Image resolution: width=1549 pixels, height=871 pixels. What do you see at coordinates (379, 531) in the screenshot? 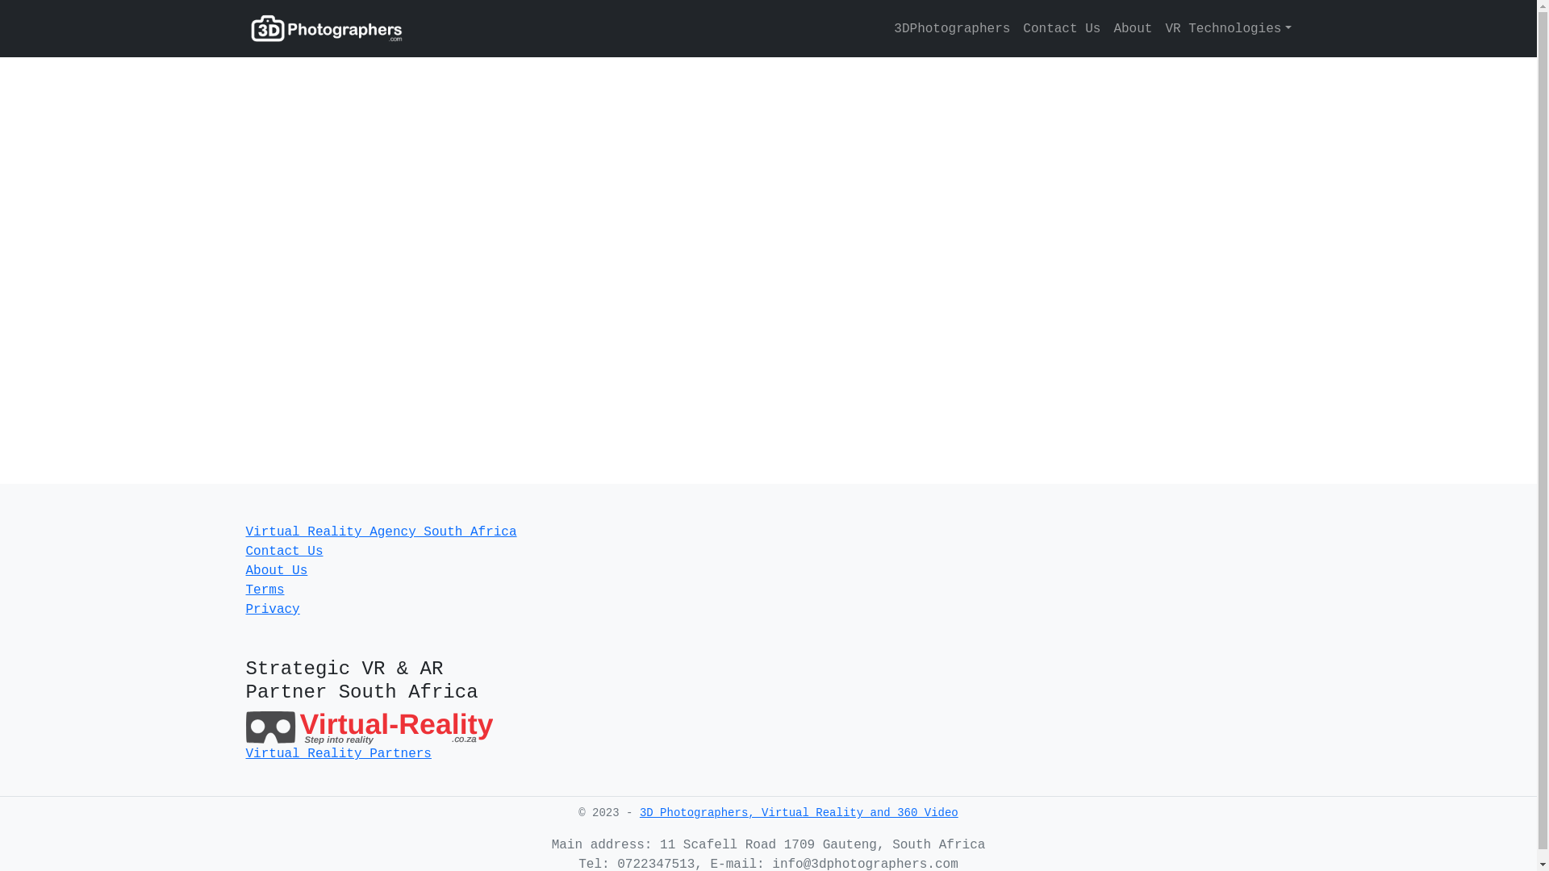
I see `'Virtual Reality Agency South Africa'` at bounding box center [379, 531].